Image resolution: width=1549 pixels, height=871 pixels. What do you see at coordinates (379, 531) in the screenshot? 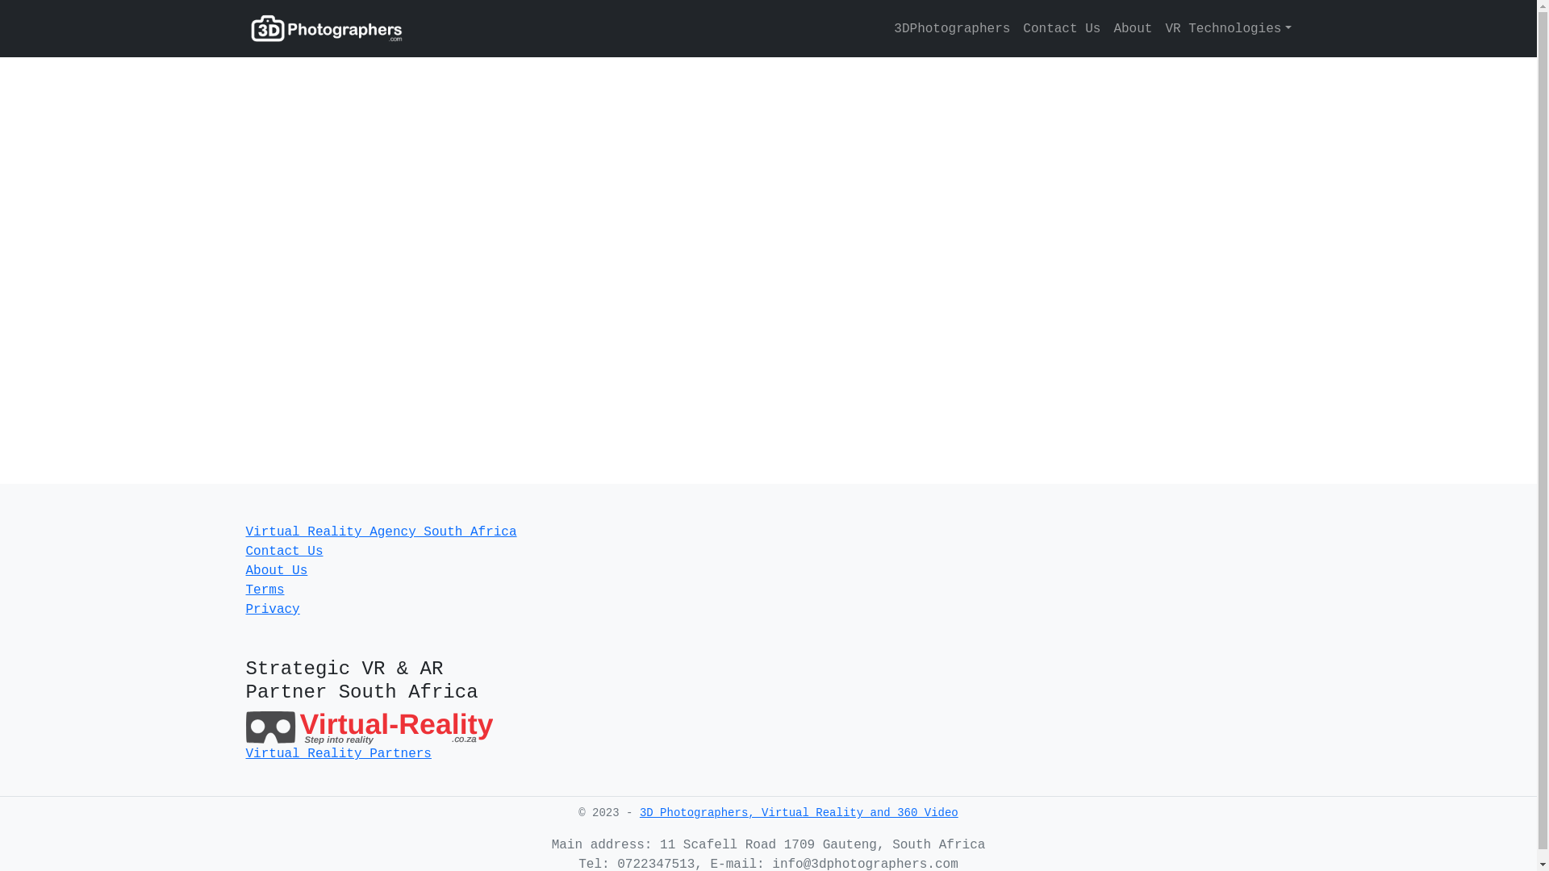
I see `'Virtual Reality Agency South Africa'` at bounding box center [379, 531].